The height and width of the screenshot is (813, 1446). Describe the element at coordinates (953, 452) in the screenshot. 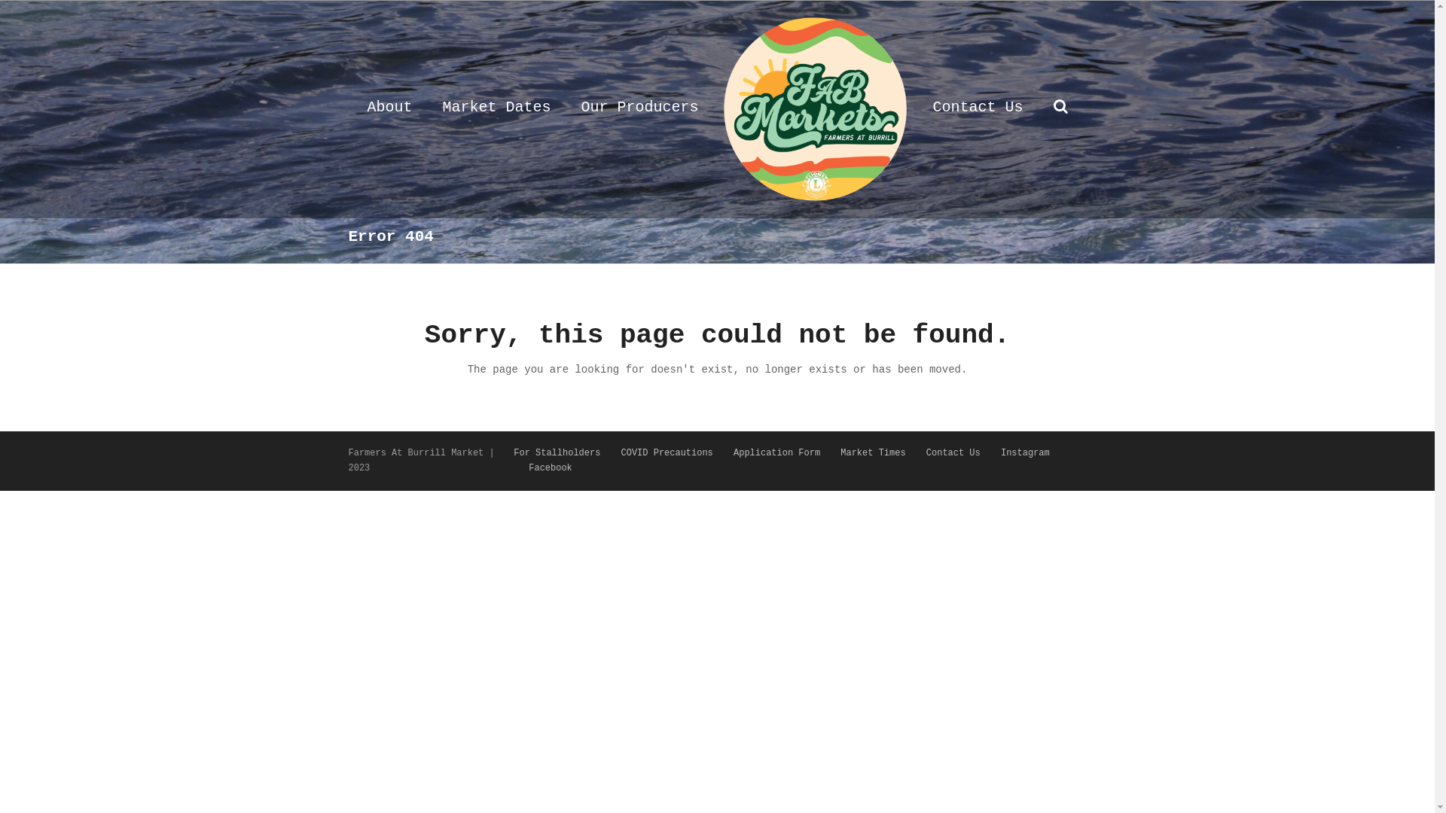

I see `'Contact Us'` at that location.